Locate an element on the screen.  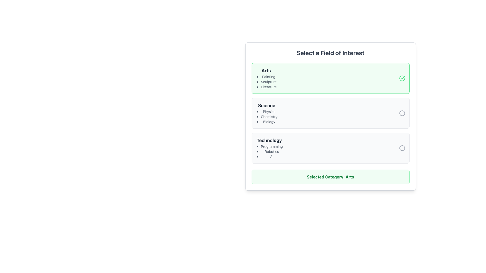
the SVG Circle indicator for the 'Technology' category, which is the only circular element next to the 'Technology' label in the lower section of the menu is located at coordinates (402, 148).